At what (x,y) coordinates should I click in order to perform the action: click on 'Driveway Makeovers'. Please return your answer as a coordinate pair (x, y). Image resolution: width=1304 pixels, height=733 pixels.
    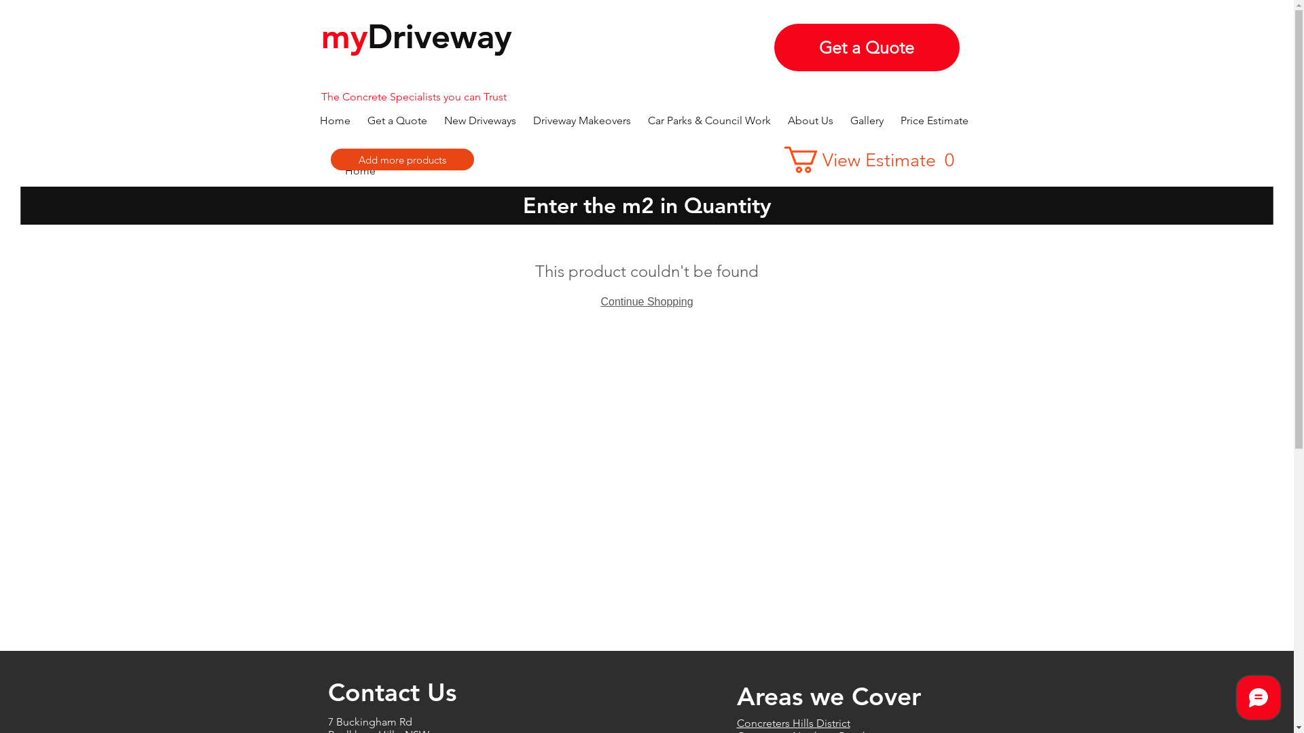
    Looking at the image, I should click on (583, 119).